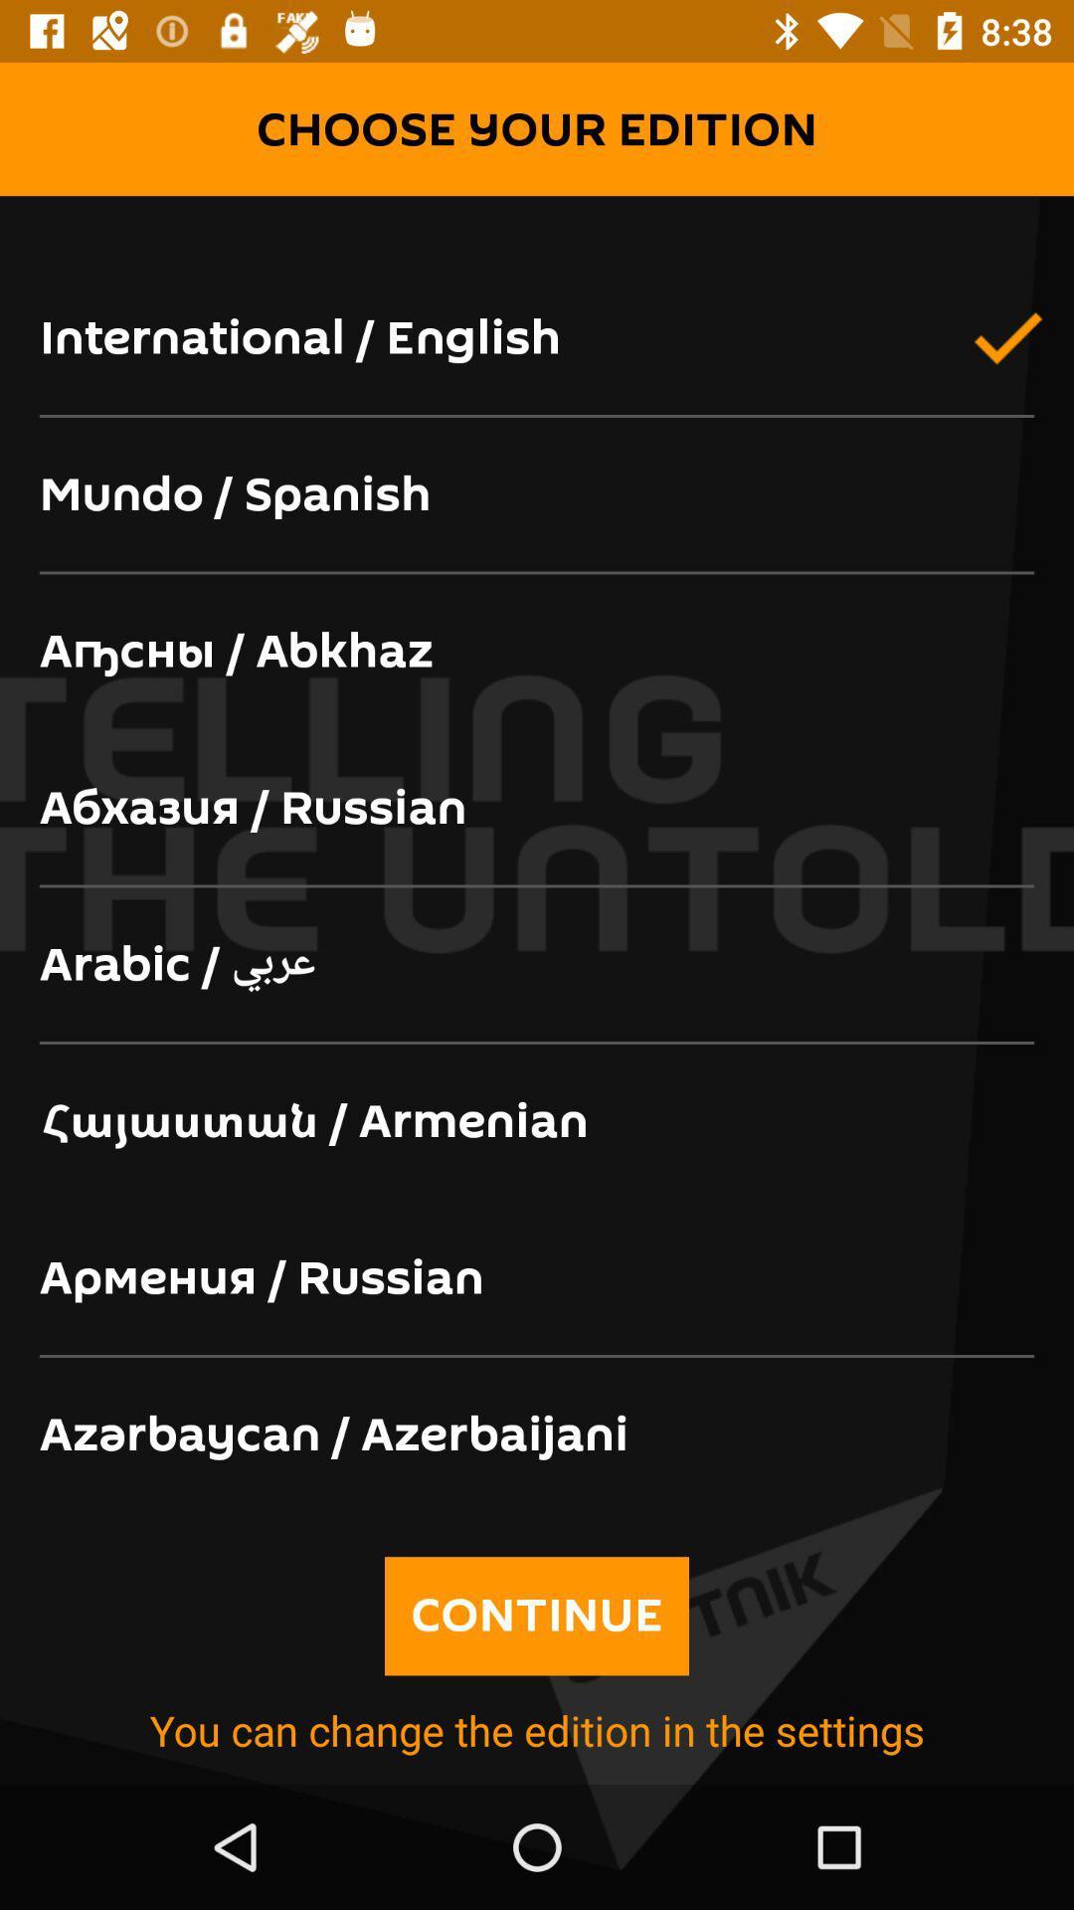 Image resolution: width=1074 pixels, height=1910 pixels. I want to click on the app below choose your edition item, so click(537, 228).